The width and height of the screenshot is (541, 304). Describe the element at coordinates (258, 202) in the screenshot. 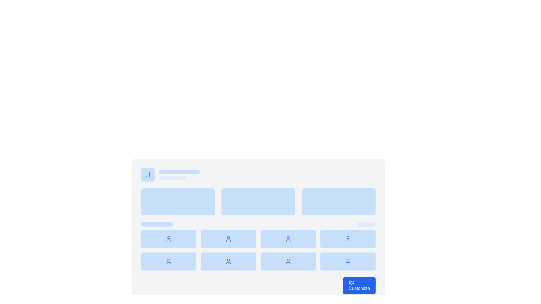

I see `the Grid Item located in the middle position of a grid layout, which is styled to represent content under construction, positioned below graphical elements and above blue rectangular buttons` at that location.